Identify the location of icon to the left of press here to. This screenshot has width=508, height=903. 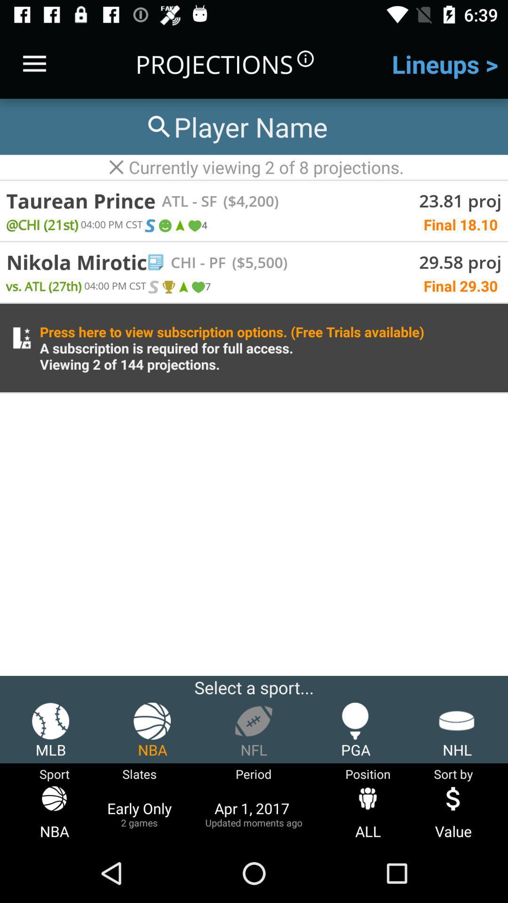
(21, 338).